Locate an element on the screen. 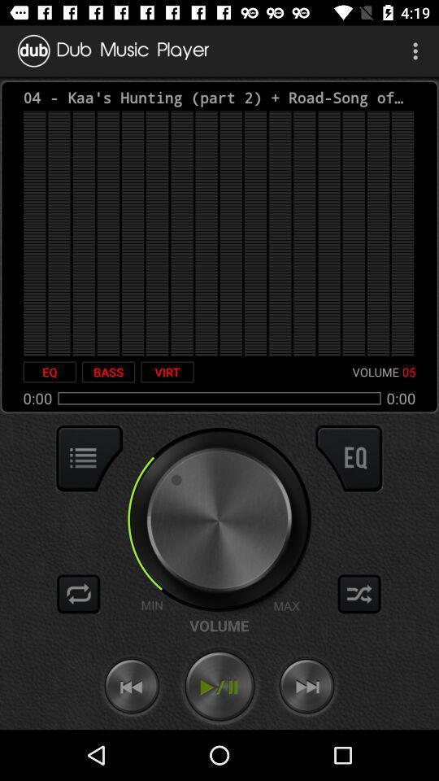 Image resolution: width=439 pixels, height=781 pixels. the shuffle button at the bottom right corner of the page is located at coordinates (359, 593).